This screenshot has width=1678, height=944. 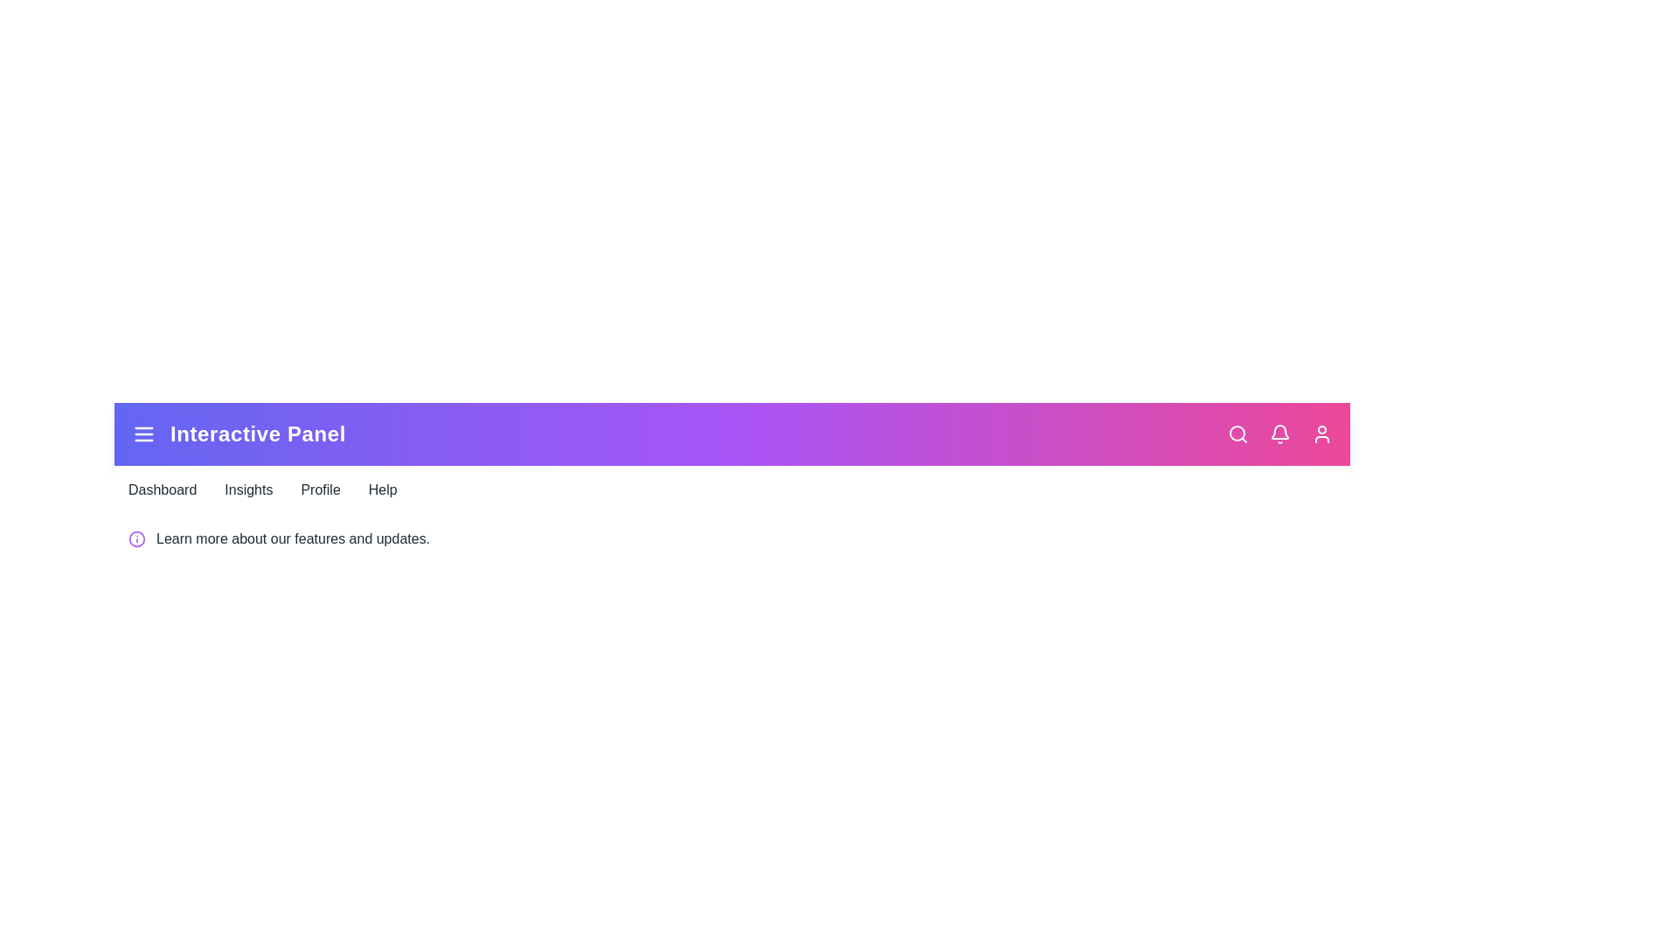 I want to click on the navigation link labeled Help, so click(x=381, y=489).